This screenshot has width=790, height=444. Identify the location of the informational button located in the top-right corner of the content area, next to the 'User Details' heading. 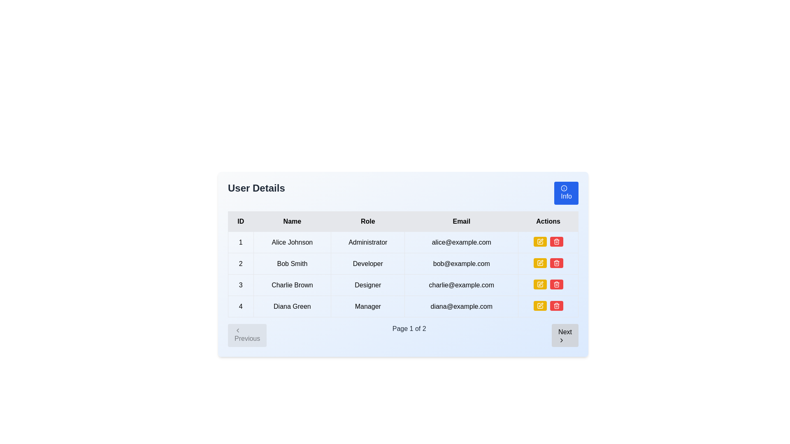
(566, 193).